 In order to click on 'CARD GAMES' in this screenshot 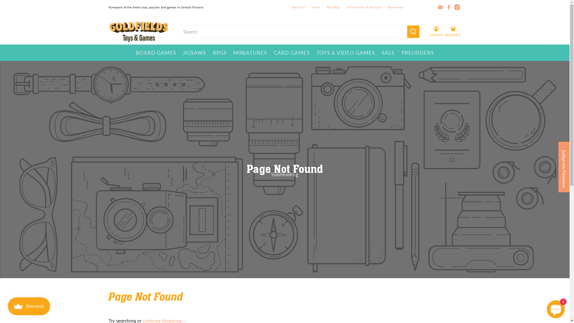, I will do `click(270, 53)`.